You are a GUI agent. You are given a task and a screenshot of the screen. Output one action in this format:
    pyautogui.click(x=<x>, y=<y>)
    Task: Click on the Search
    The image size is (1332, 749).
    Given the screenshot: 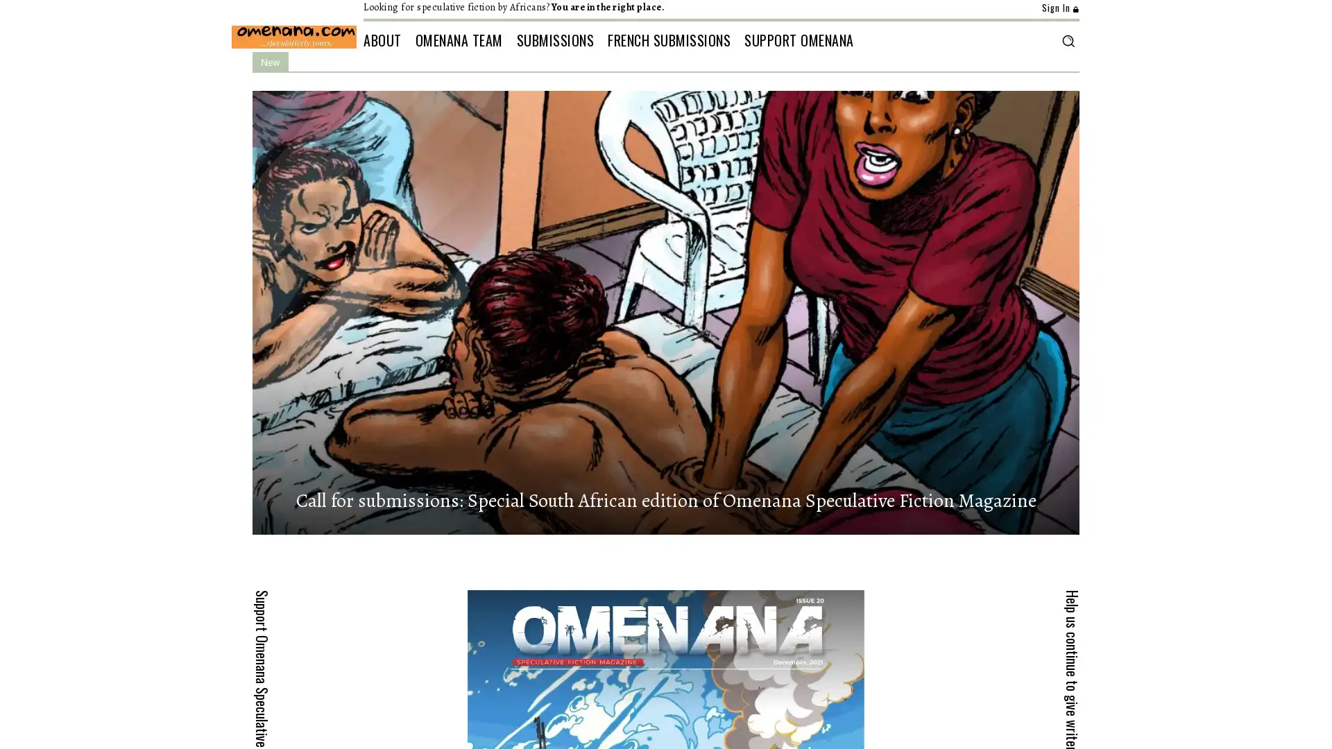 What is the action you would take?
    pyautogui.click(x=1067, y=40)
    